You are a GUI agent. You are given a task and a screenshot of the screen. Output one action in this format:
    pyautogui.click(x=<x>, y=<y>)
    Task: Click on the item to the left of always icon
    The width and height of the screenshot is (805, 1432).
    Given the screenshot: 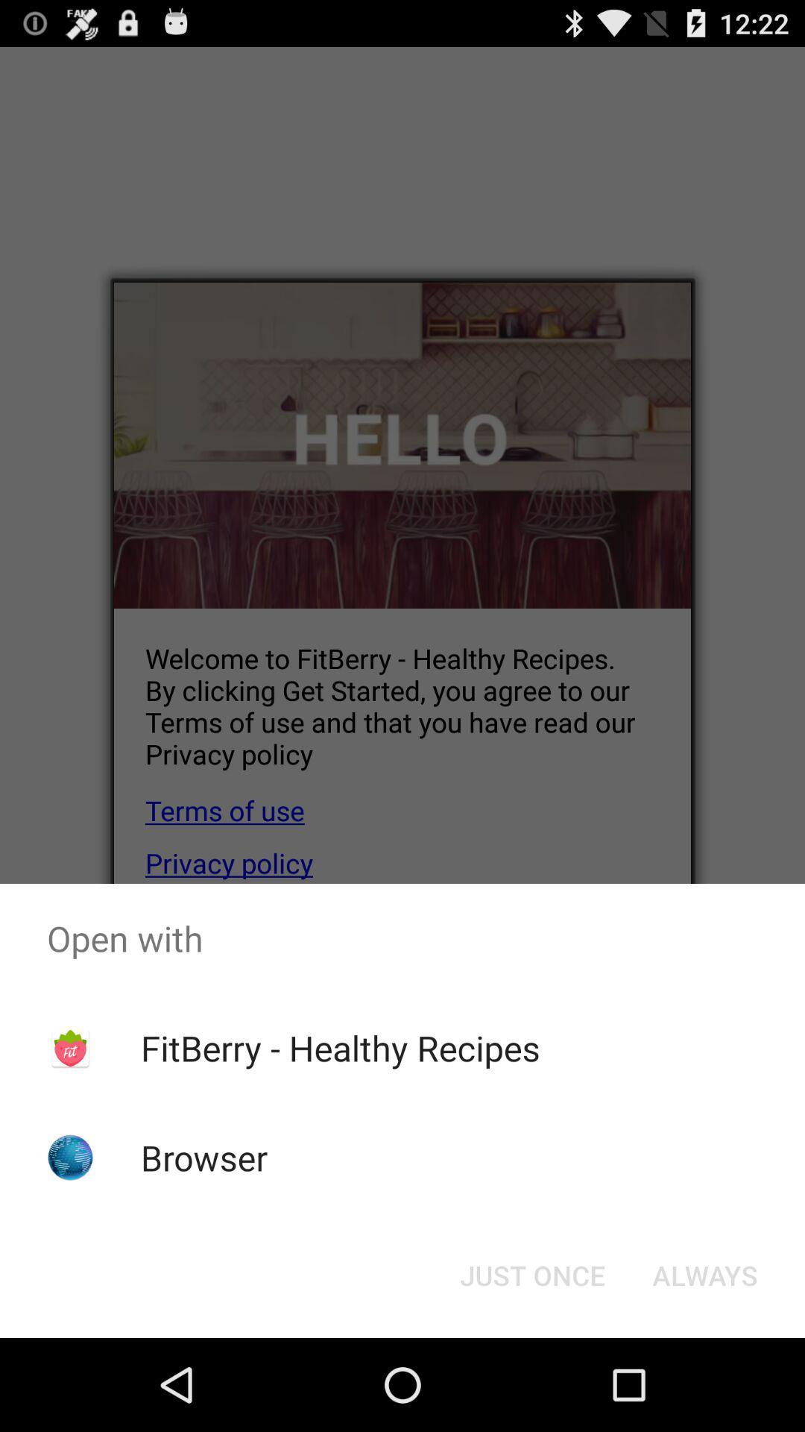 What is the action you would take?
    pyautogui.click(x=531, y=1274)
    